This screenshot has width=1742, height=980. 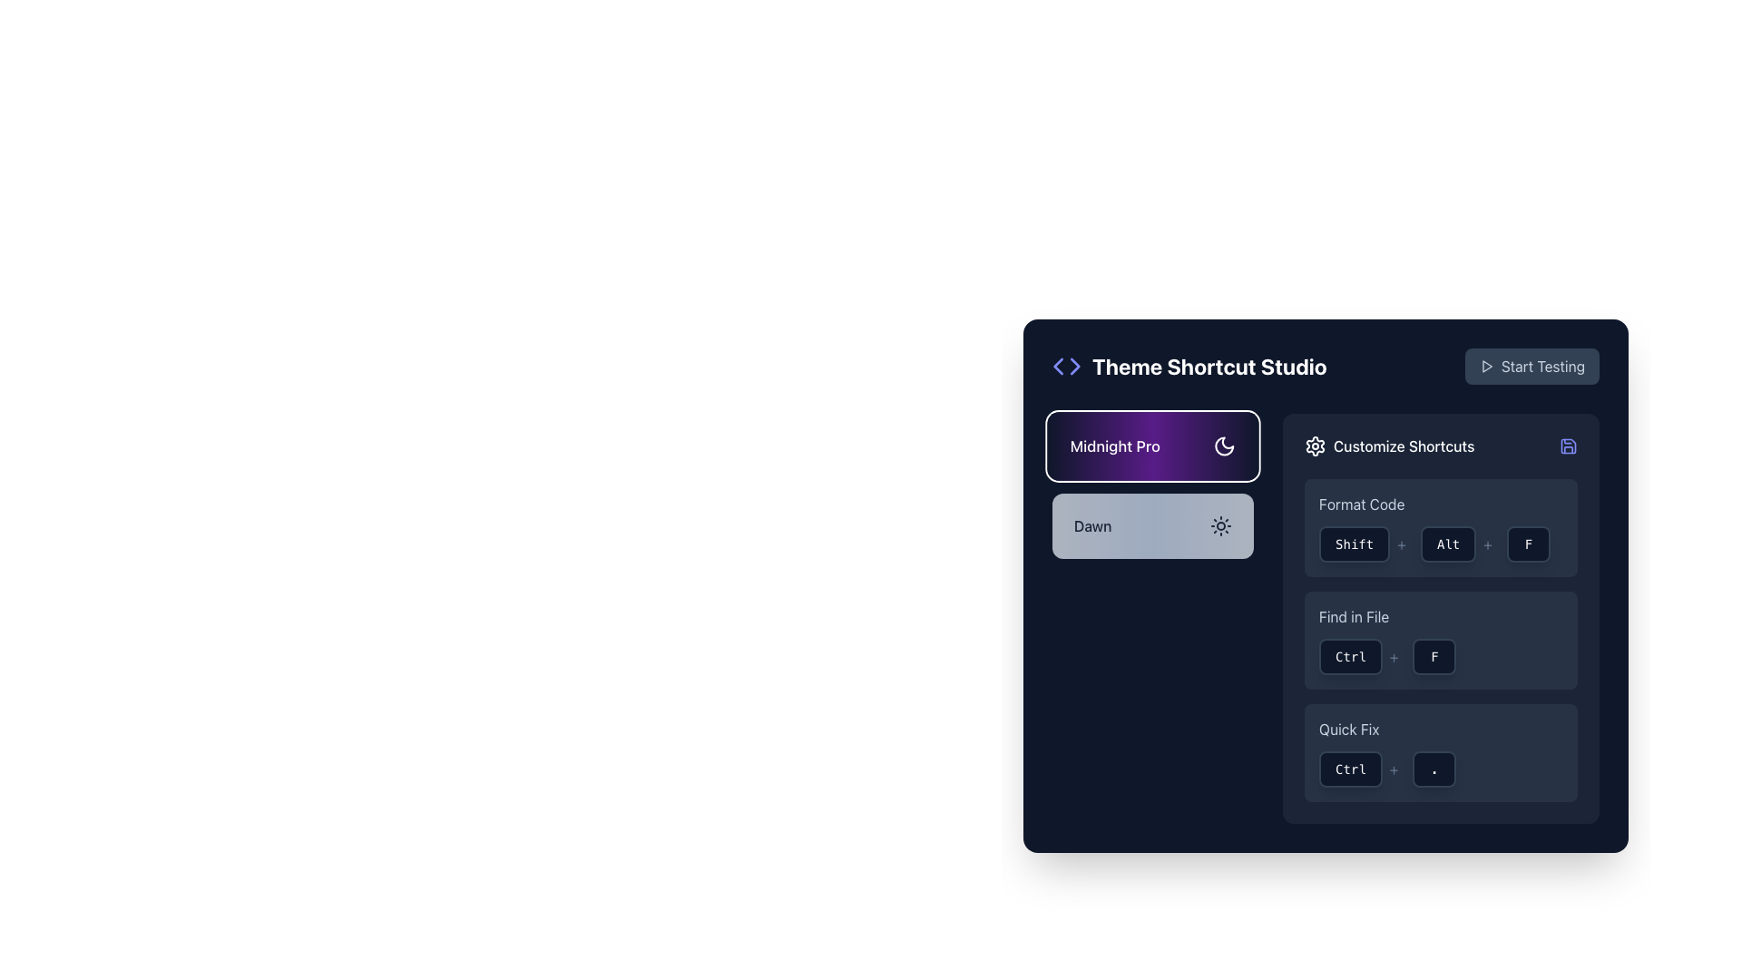 What do you see at coordinates (1447, 544) in the screenshot?
I see `the 'Alt' key representation in the 'Customize Shortcuts' section, which is part of the 'Format Code' shortcut, located between the 'Shift' and 'F' buttons` at bounding box center [1447, 544].